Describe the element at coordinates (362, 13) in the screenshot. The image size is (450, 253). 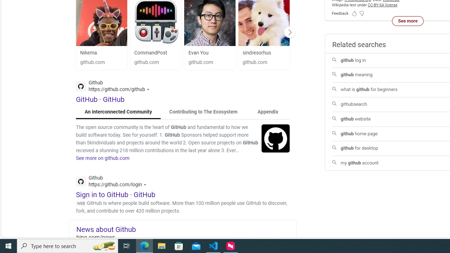
I see `'Feedback Dislike'` at that location.